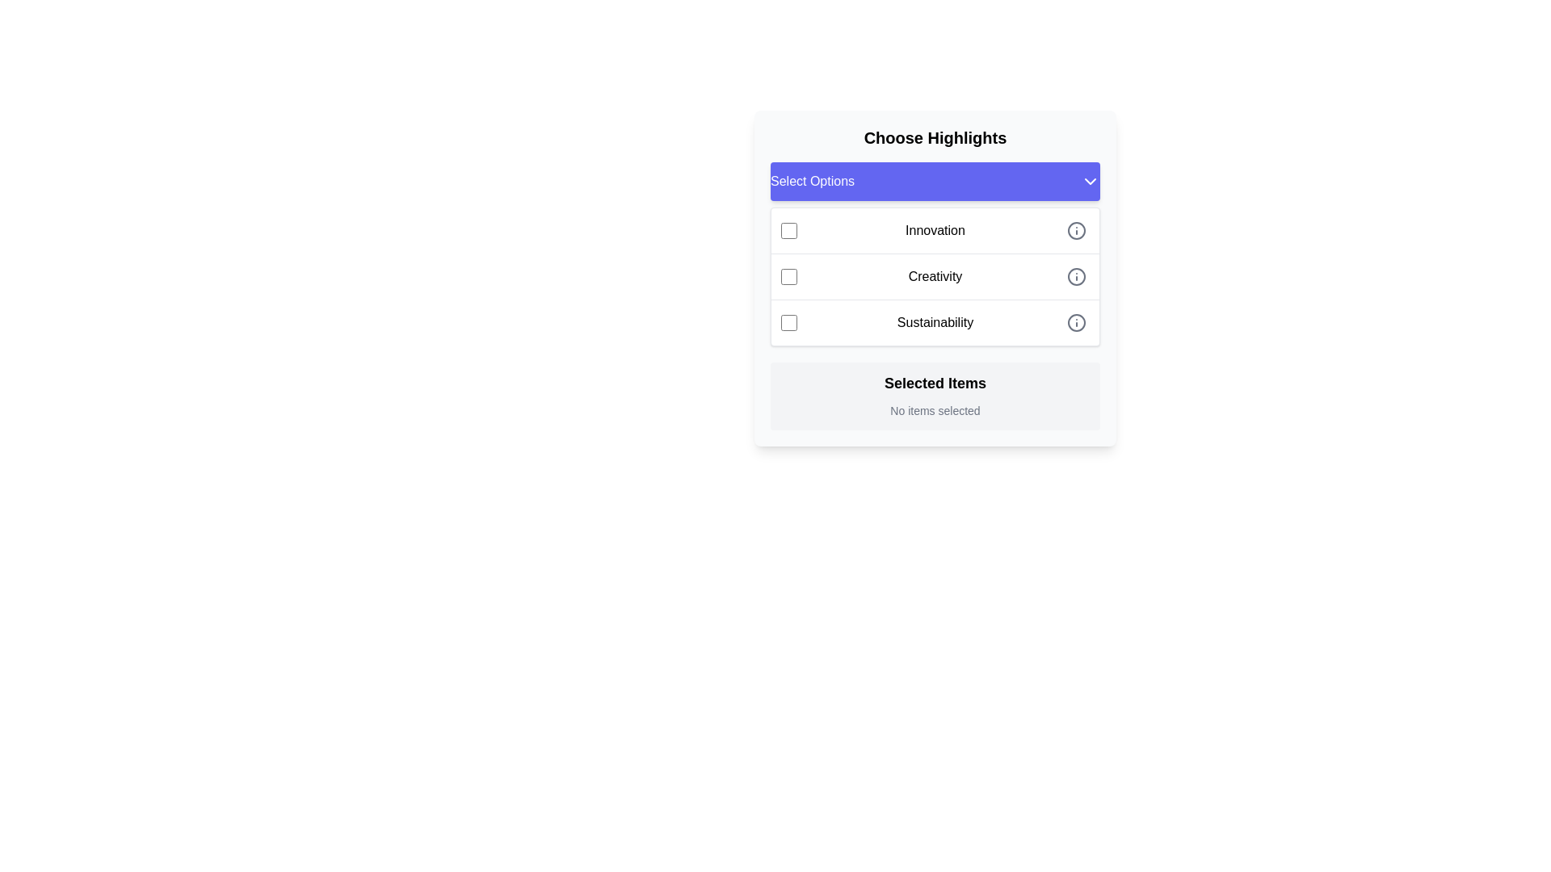 This screenshot has width=1551, height=872. I want to click on the informational Text Label indicating that no items are currently selected within the 'Selected Items' section, so click(935, 410).